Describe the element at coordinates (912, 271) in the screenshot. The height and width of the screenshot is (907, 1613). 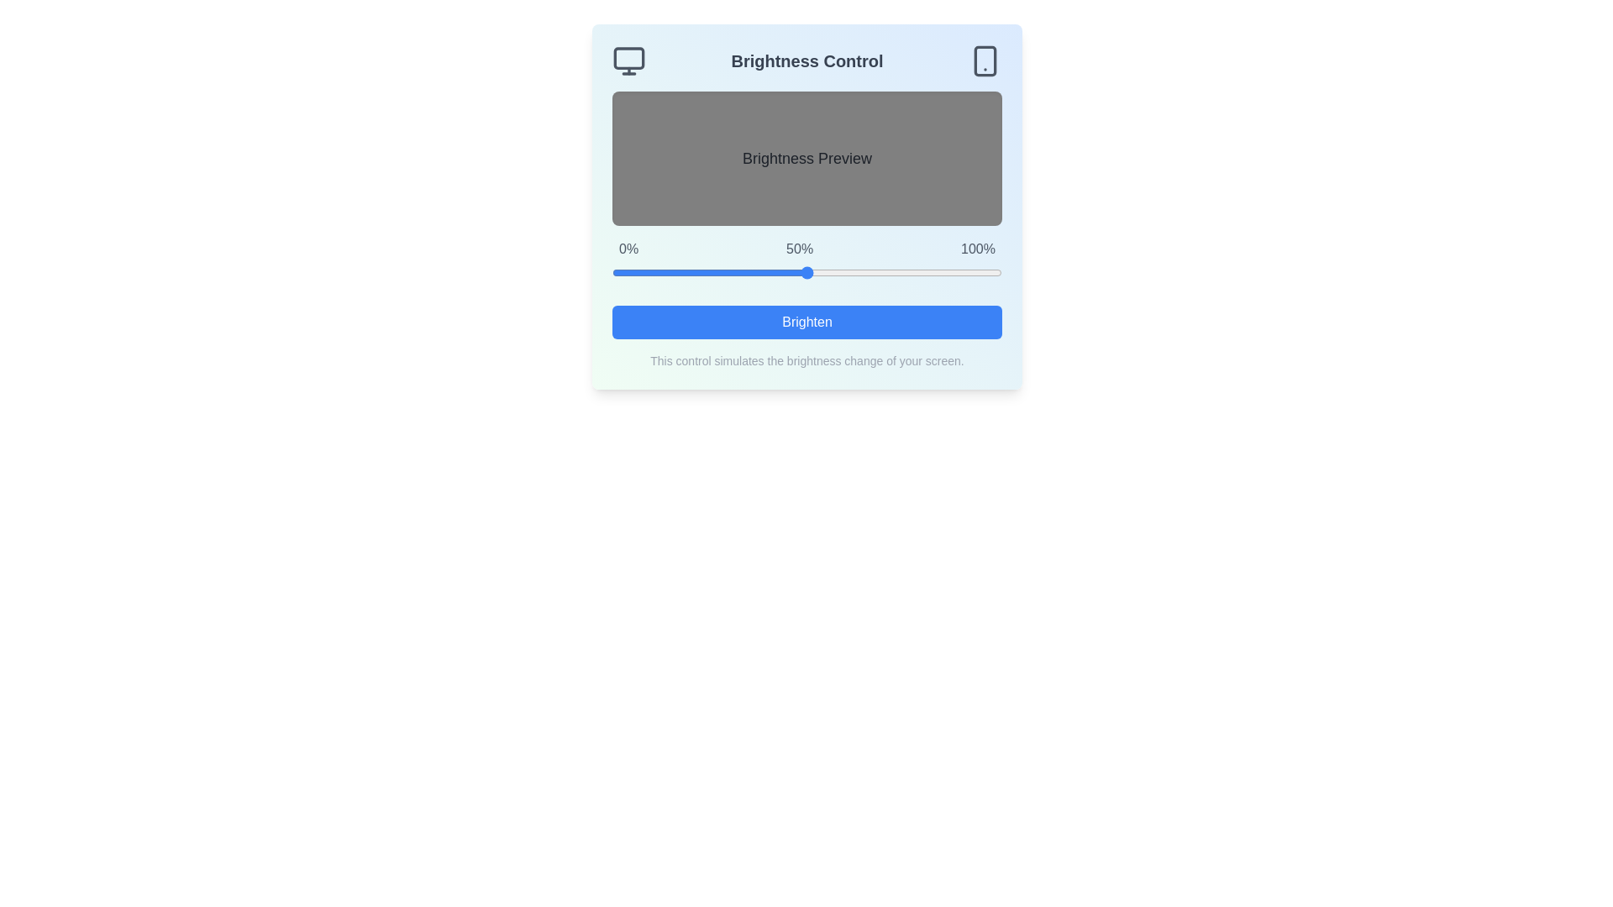
I see `the brightness slider to set the brightness level to 77%` at that location.